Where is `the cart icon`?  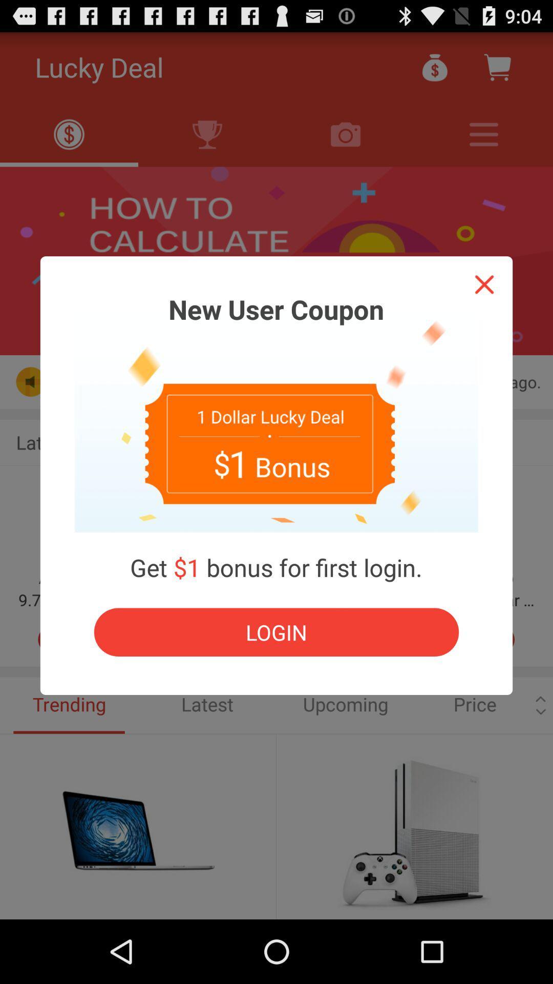
the cart icon is located at coordinates (497, 71).